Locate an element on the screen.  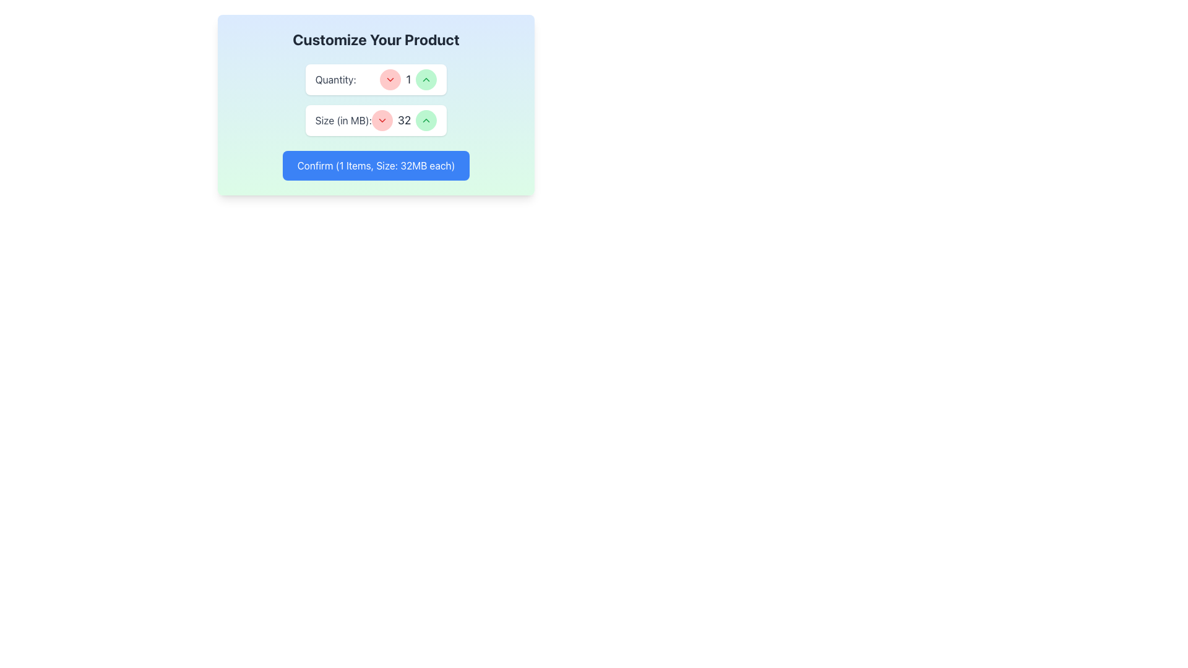
current numerical value from the grouped component containing two labeled number input fields within the 'Customize Your Product' dialog is located at coordinates (376, 100).